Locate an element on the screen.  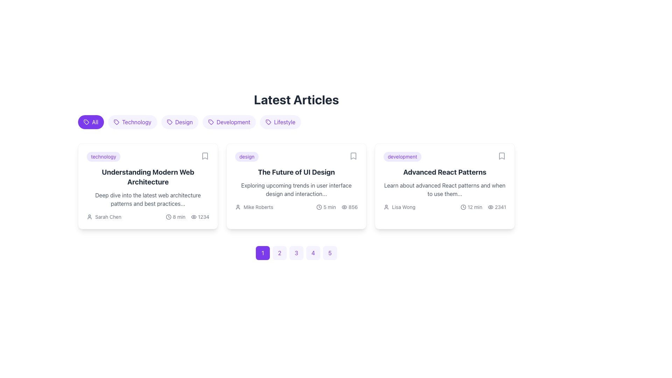
the 'Lifestyle' category tag, which is the fifth tag from the left under the 'Latest Articles' heading, to filter articles is located at coordinates (280, 121).